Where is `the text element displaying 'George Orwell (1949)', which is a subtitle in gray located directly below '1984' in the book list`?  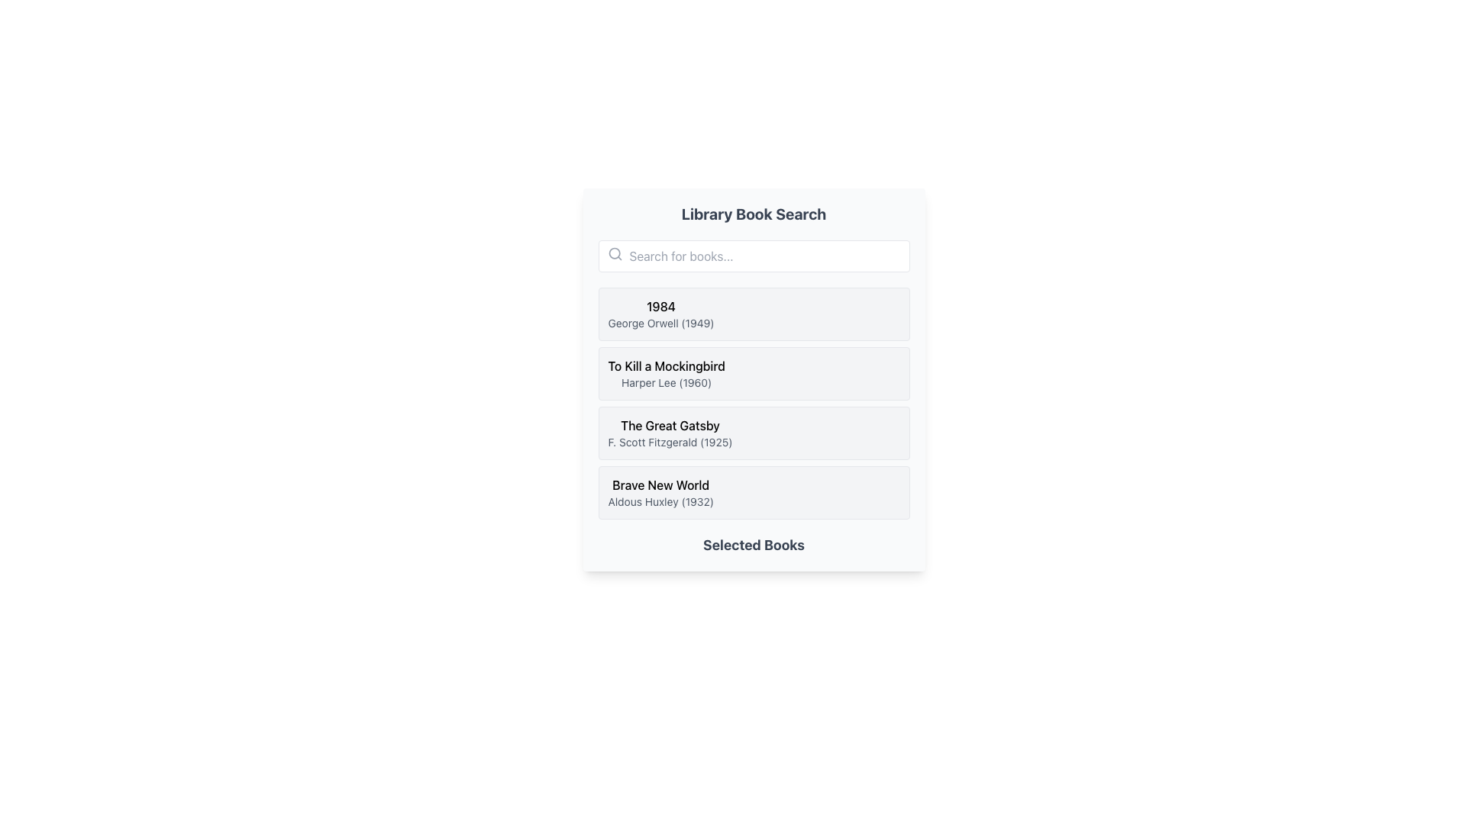 the text element displaying 'George Orwell (1949)', which is a subtitle in gray located directly below '1984' in the book list is located at coordinates (661, 323).